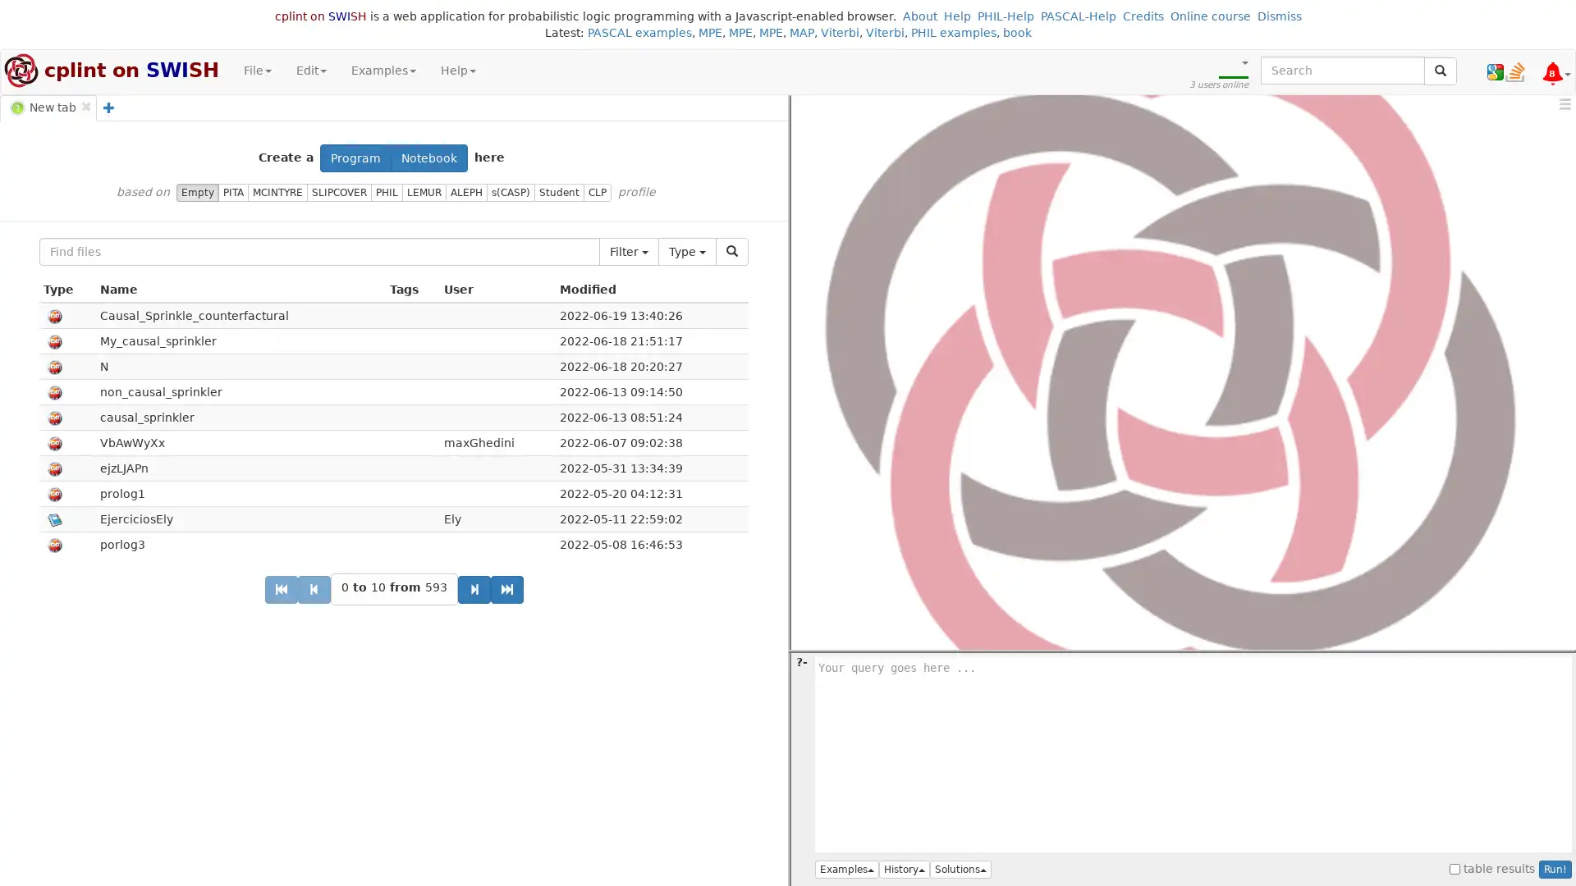 The width and height of the screenshot is (1576, 886). What do you see at coordinates (1555, 869) in the screenshot?
I see `Run!` at bounding box center [1555, 869].